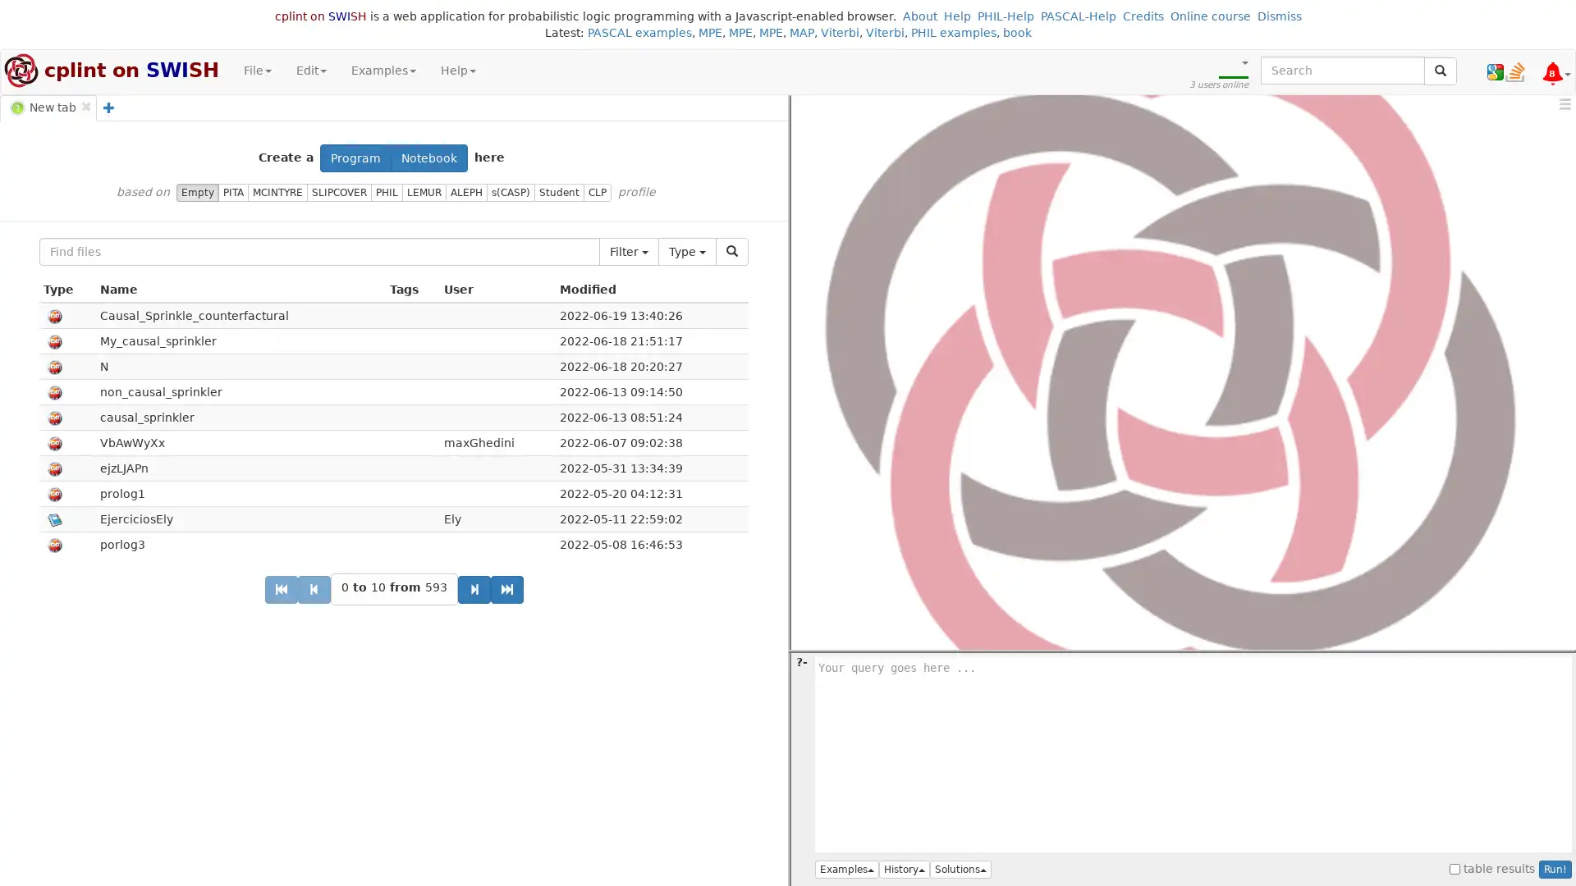 The width and height of the screenshot is (1576, 886). What do you see at coordinates (1555, 869) in the screenshot?
I see `Run!` at bounding box center [1555, 869].